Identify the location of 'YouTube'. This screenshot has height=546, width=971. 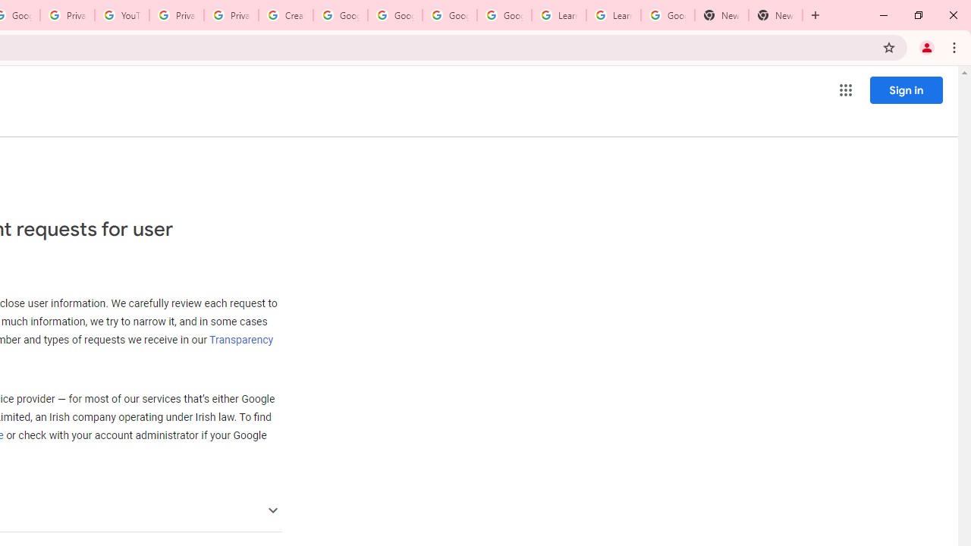
(122, 15).